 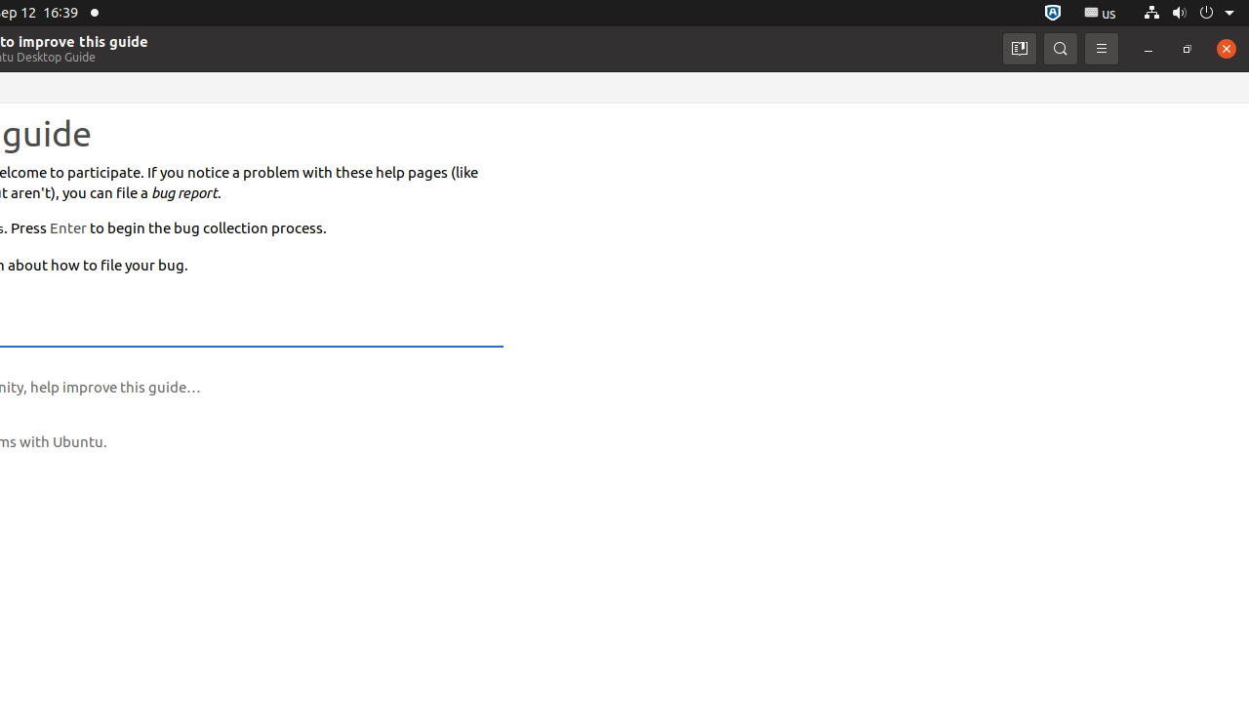 What do you see at coordinates (1225, 47) in the screenshot?
I see `'Close'` at bounding box center [1225, 47].